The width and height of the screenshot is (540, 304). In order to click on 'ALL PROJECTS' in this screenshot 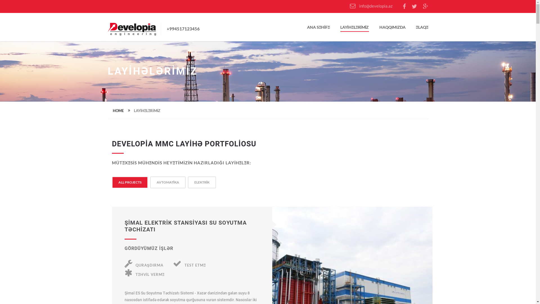, I will do `click(129, 182)`.